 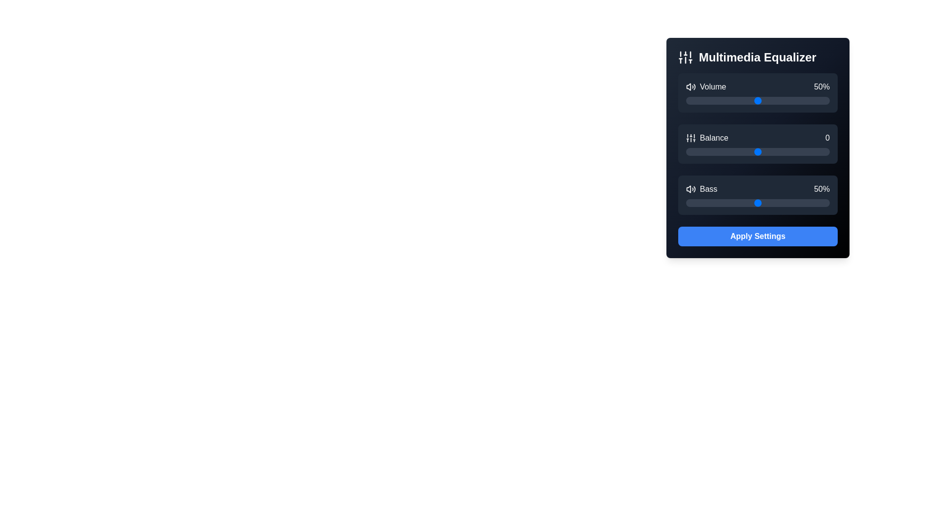 I want to click on the bass level, so click(x=785, y=202).